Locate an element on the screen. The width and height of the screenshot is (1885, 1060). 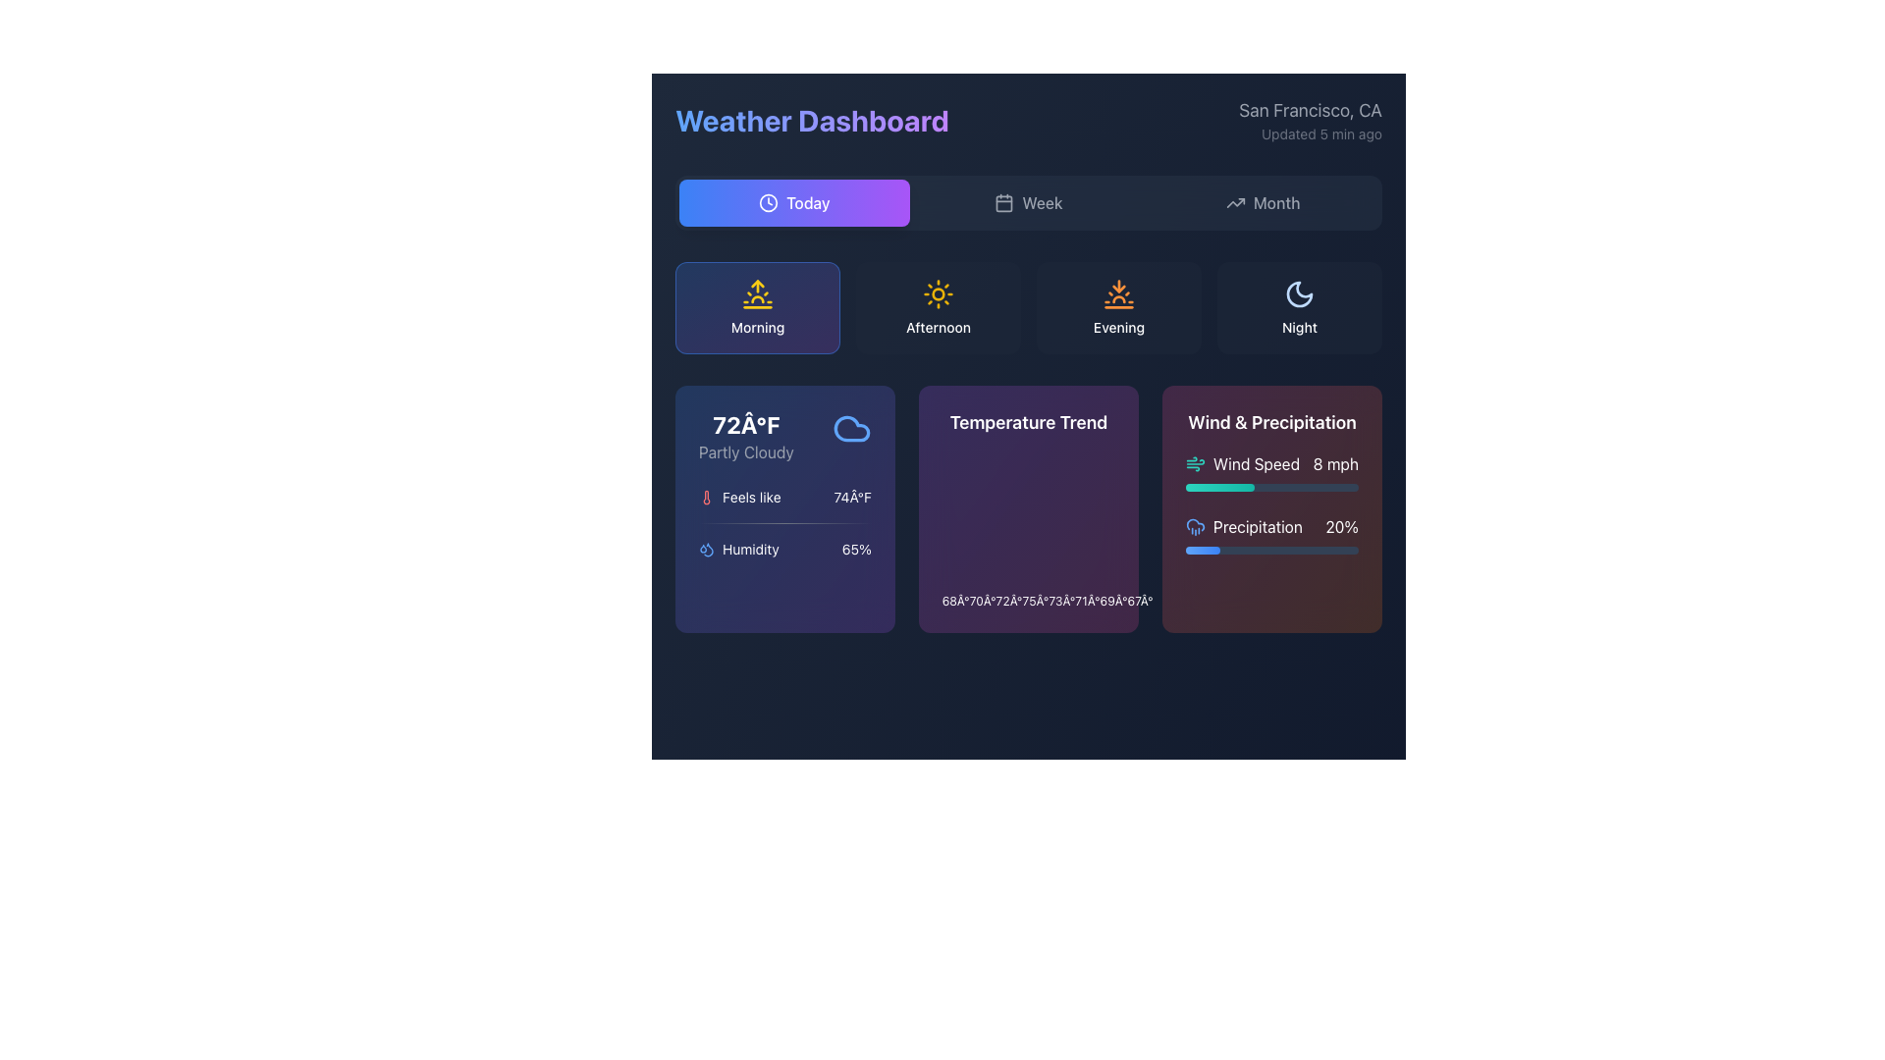
the progress represented by the Progress bar indicator for 'Precipitation', which shows 20% completion within the horizontal progress bar in the 'Wind & Precipitation' section is located at coordinates (1202, 550).